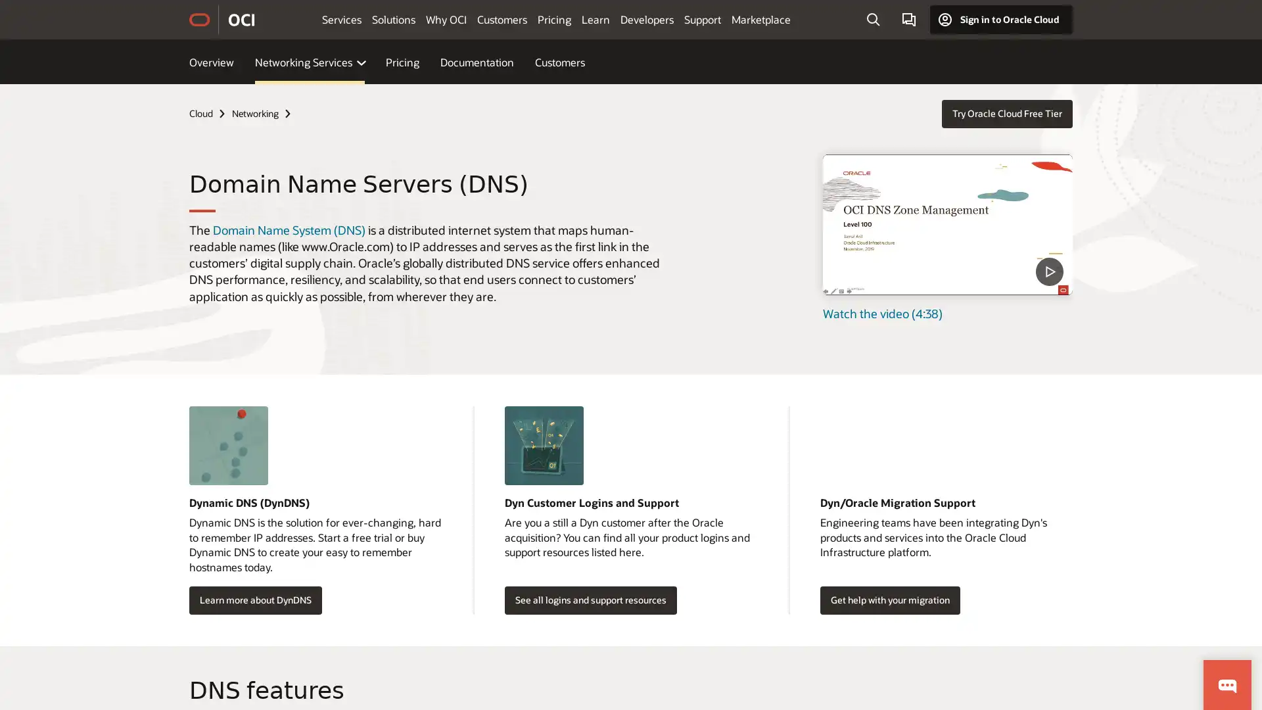 Image resolution: width=1262 pixels, height=710 pixels. What do you see at coordinates (702, 19) in the screenshot?
I see `Support` at bounding box center [702, 19].